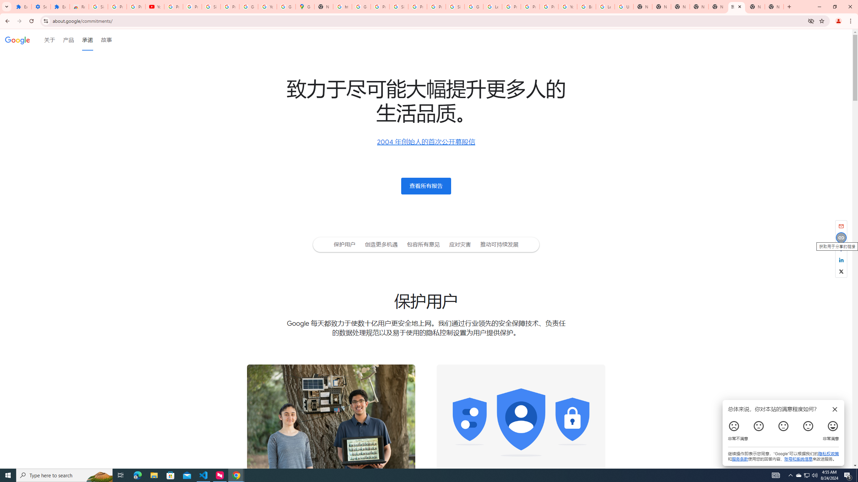 Image resolution: width=858 pixels, height=482 pixels. What do you see at coordinates (343, 6) in the screenshot?
I see `'https://scholar.google.com/'` at bounding box center [343, 6].